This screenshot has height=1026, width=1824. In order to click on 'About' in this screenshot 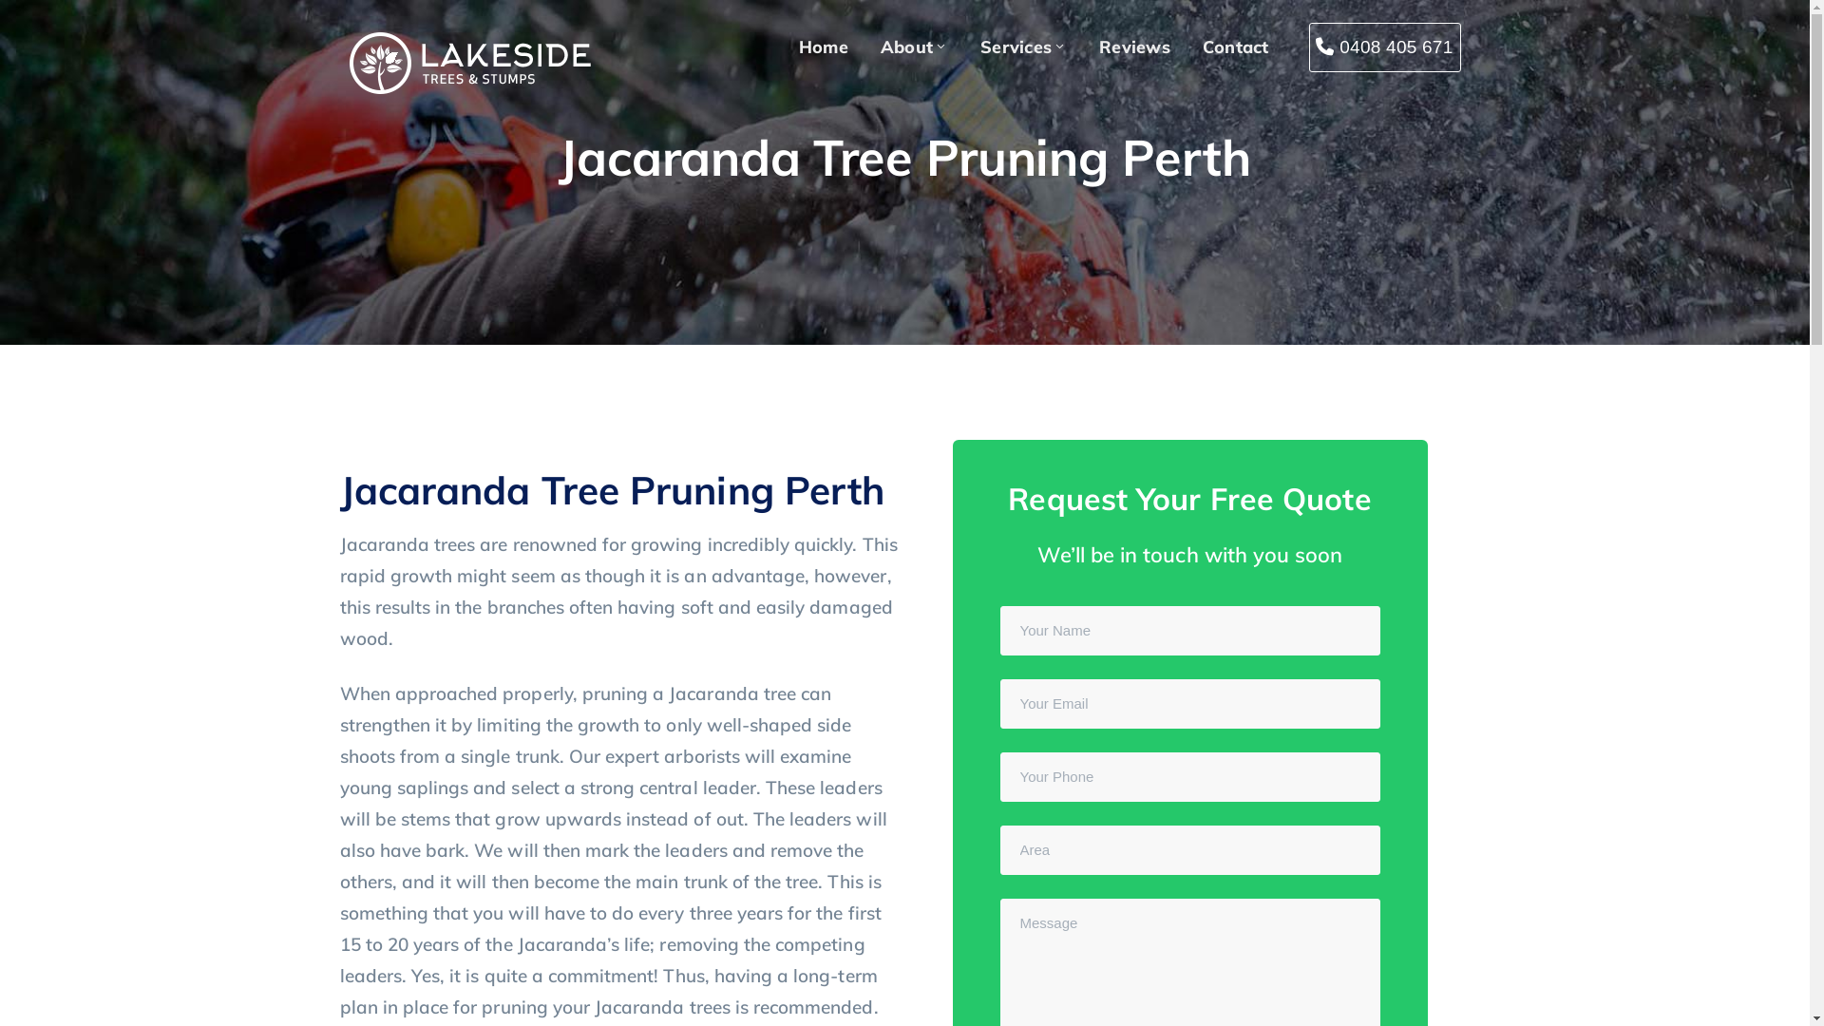, I will do `click(879, 47)`.